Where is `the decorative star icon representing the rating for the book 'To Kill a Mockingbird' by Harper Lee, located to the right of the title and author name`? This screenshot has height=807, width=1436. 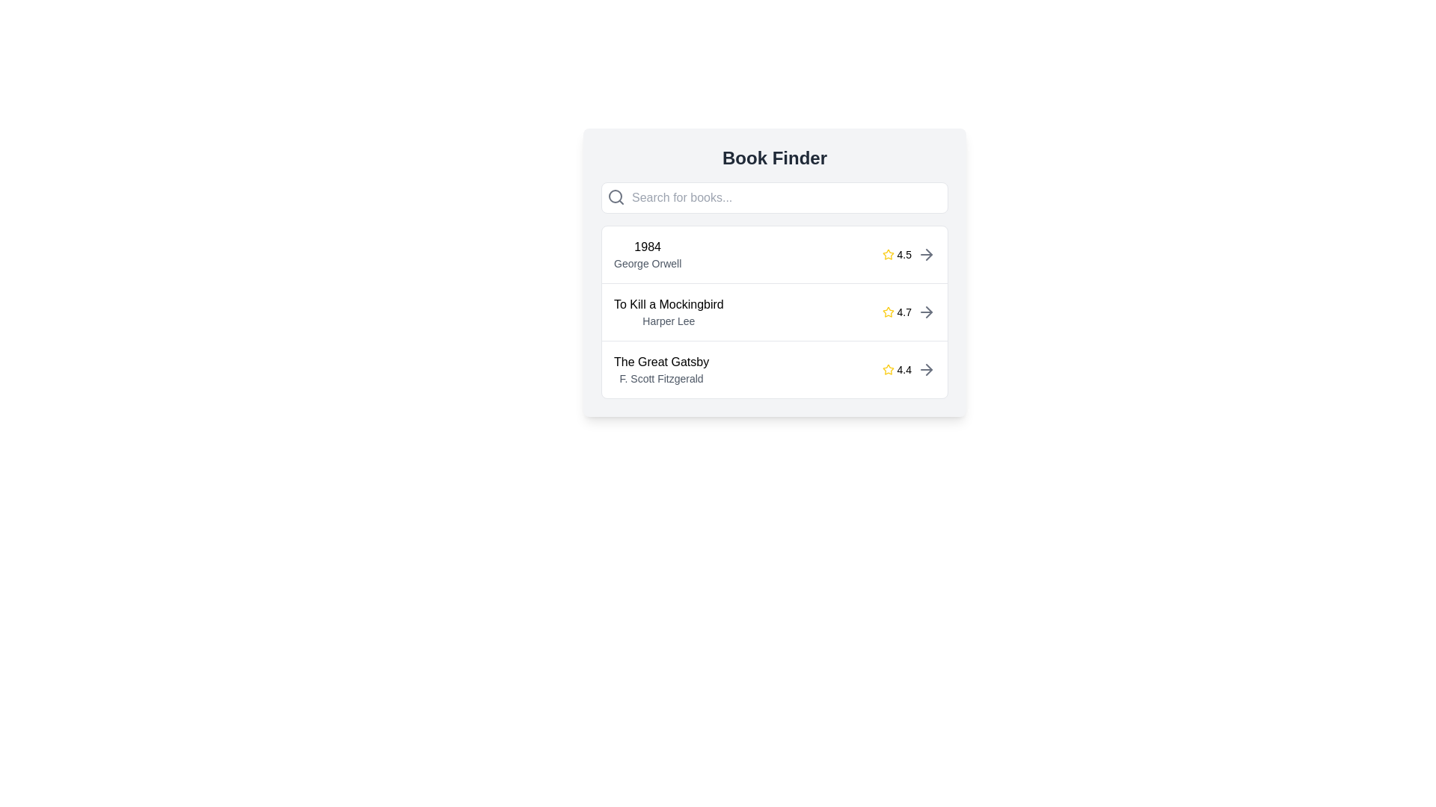 the decorative star icon representing the rating for the book 'To Kill a Mockingbird' by Harper Lee, located to the right of the title and author name is located at coordinates (888, 311).